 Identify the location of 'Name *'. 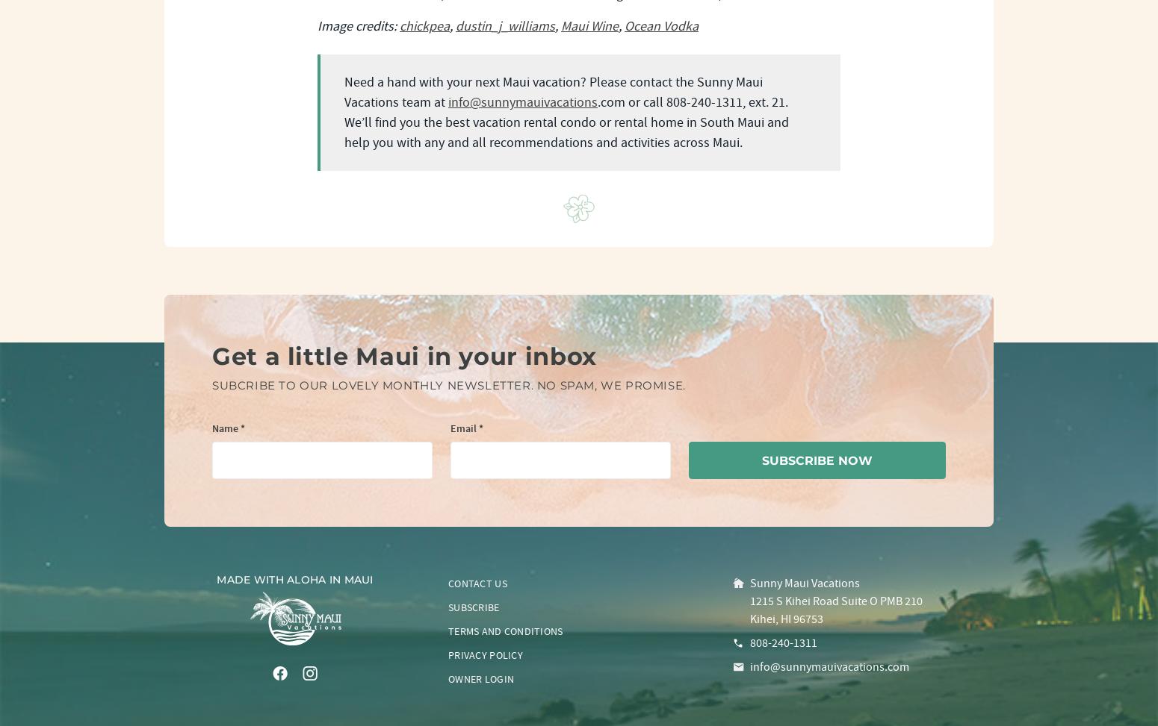
(228, 428).